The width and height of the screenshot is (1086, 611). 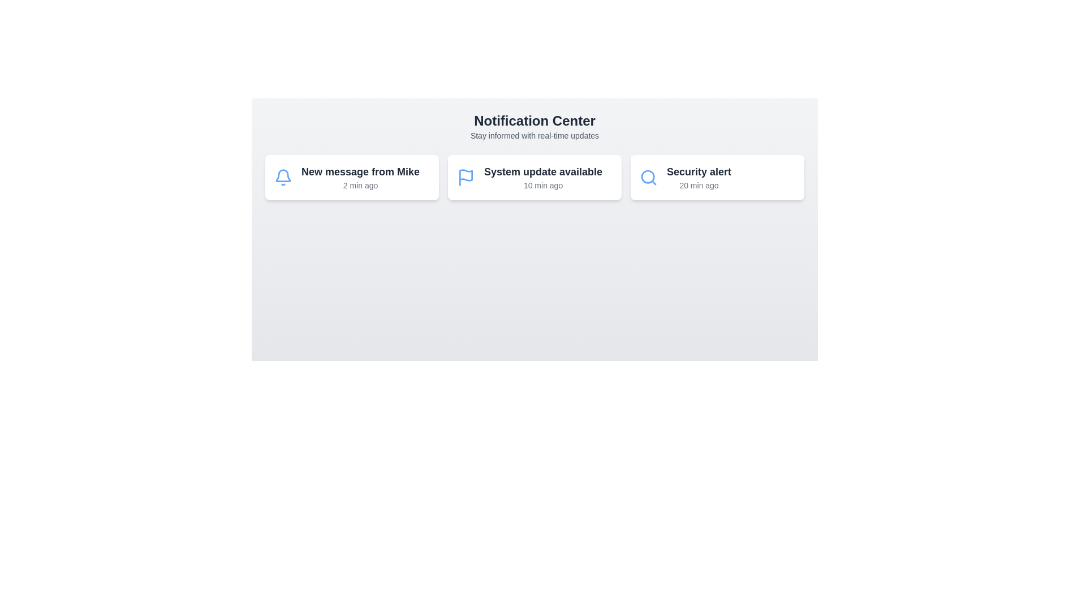 What do you see at coordinates (699, 177) in the screenshot?
I see `the textual notification item titled 'Security alert' which is the last card in the Notification Center` at bounding box center [699, 177].